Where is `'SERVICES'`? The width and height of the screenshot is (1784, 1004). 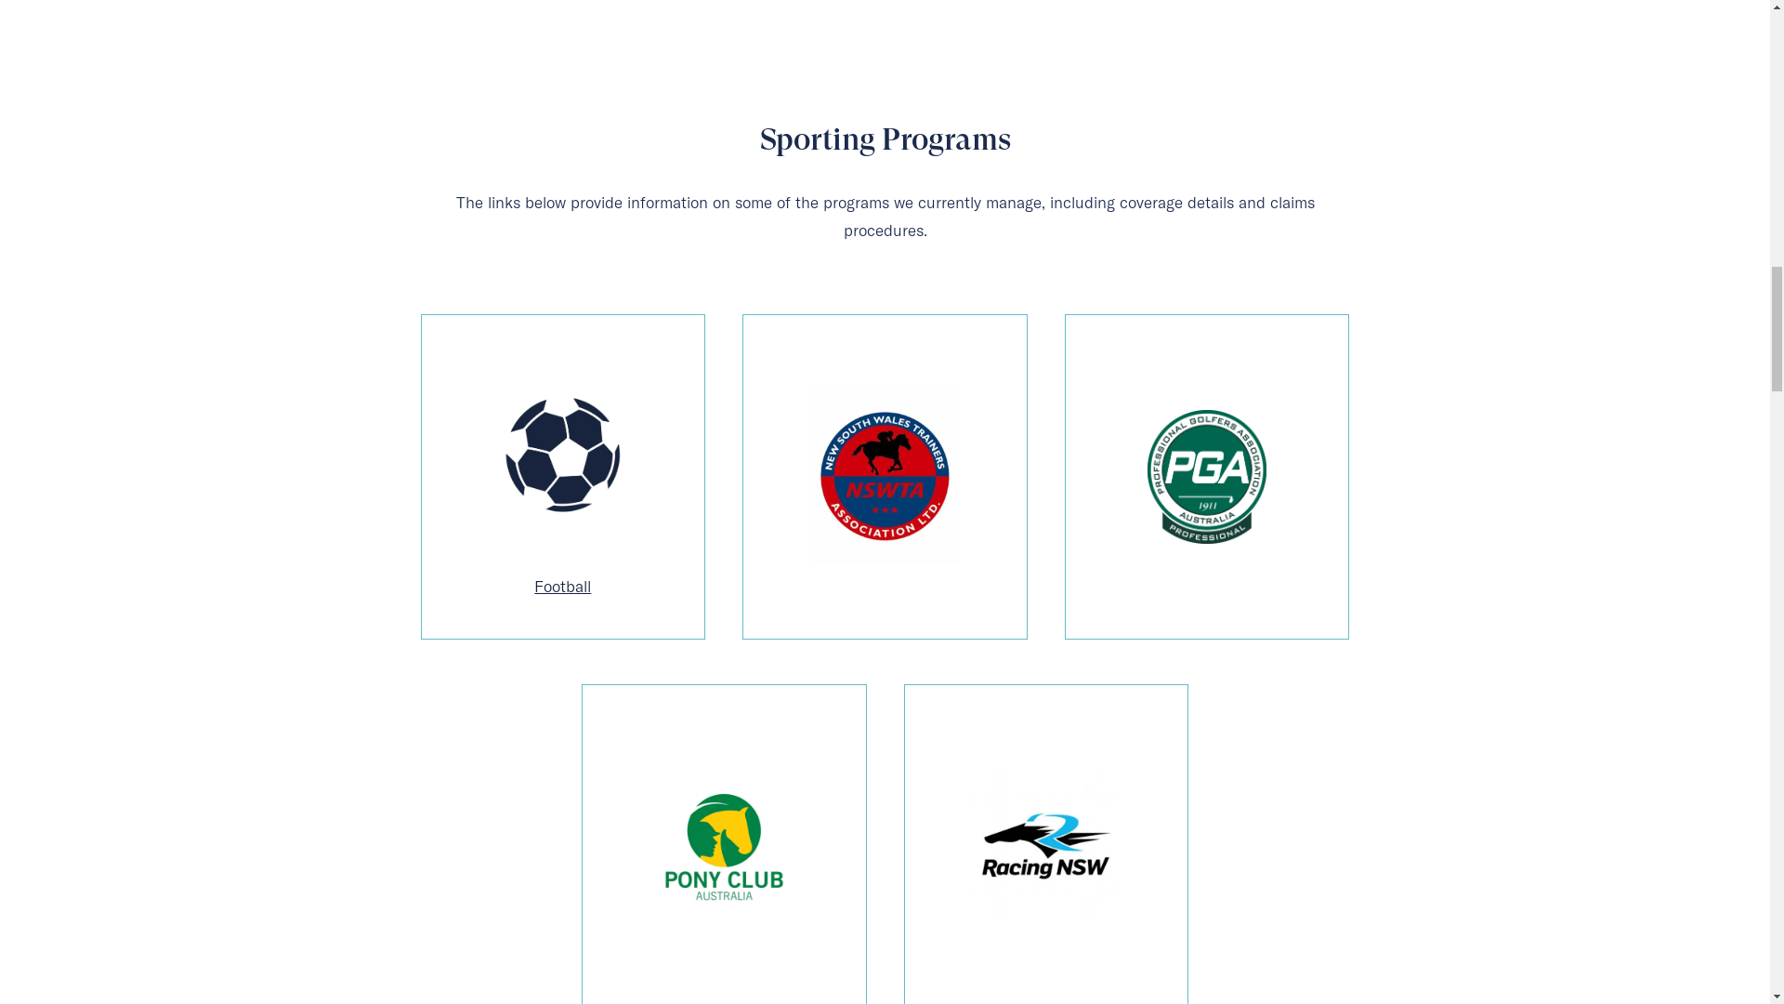 'SERVICES' is located at coordinates (881, 39).